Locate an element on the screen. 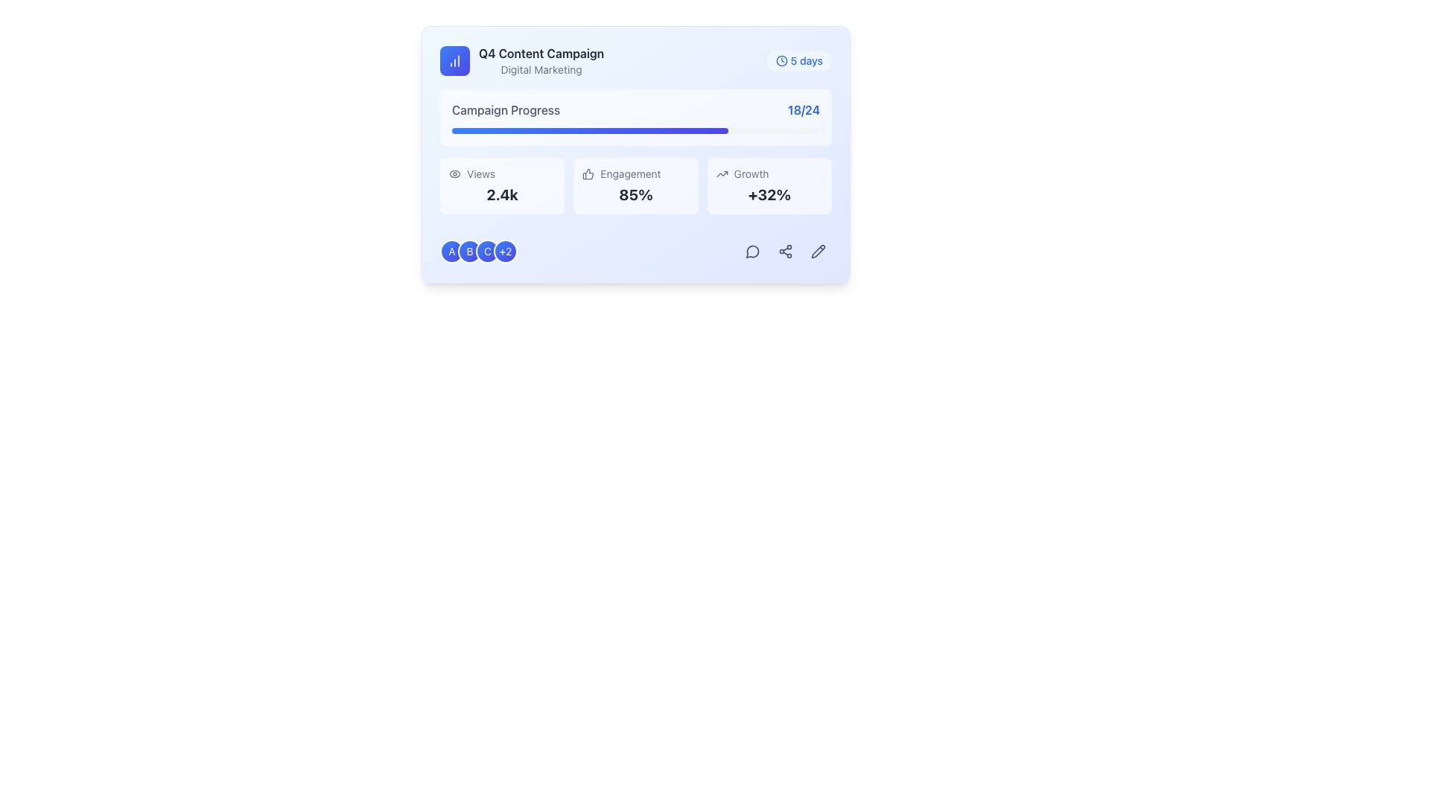  the composite informational header element that provides the title 'Q4 Content Campaign' and its category 'Digital Marketing' is located at coordinates (522, 60).